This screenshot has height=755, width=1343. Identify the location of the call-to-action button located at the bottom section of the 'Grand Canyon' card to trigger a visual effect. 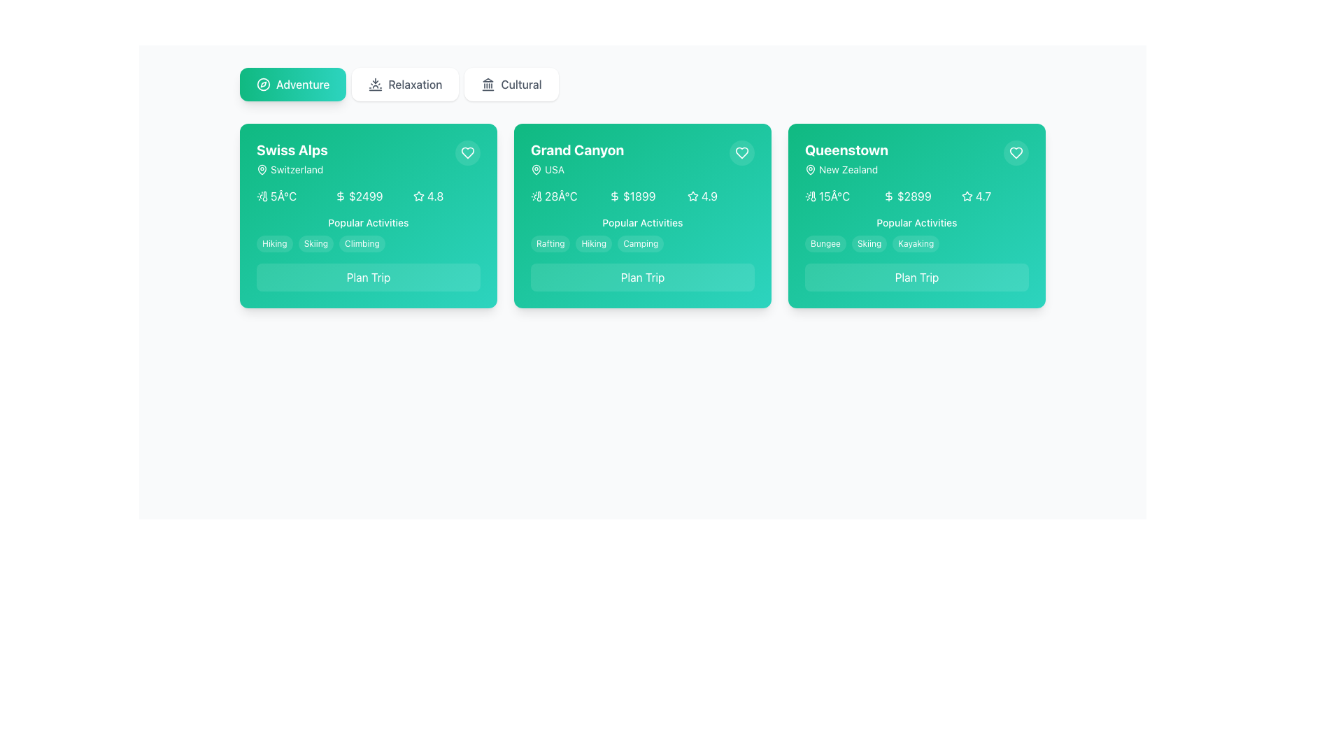
(641, 278).